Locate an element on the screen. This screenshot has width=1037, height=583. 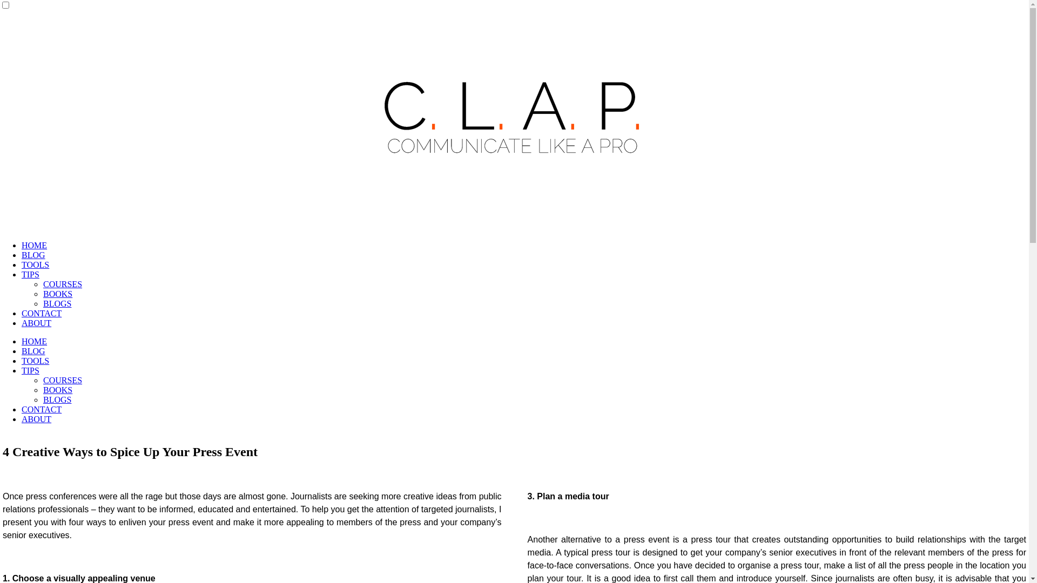
'ABOUT' is located at coordinates (36, 418).